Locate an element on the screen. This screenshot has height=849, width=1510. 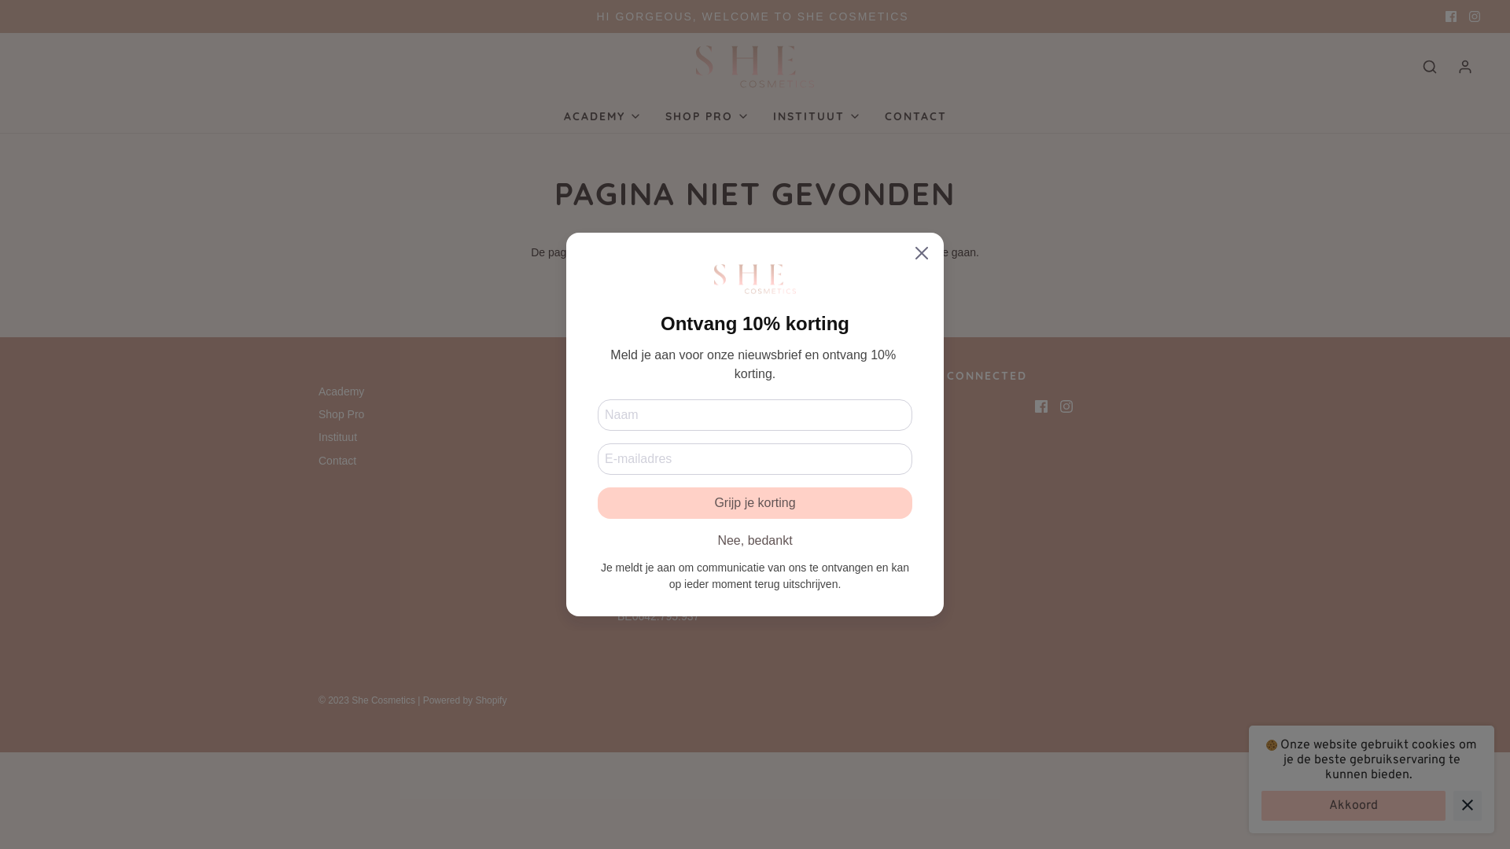
'CONTACT' is located at coordinates (883, 115).